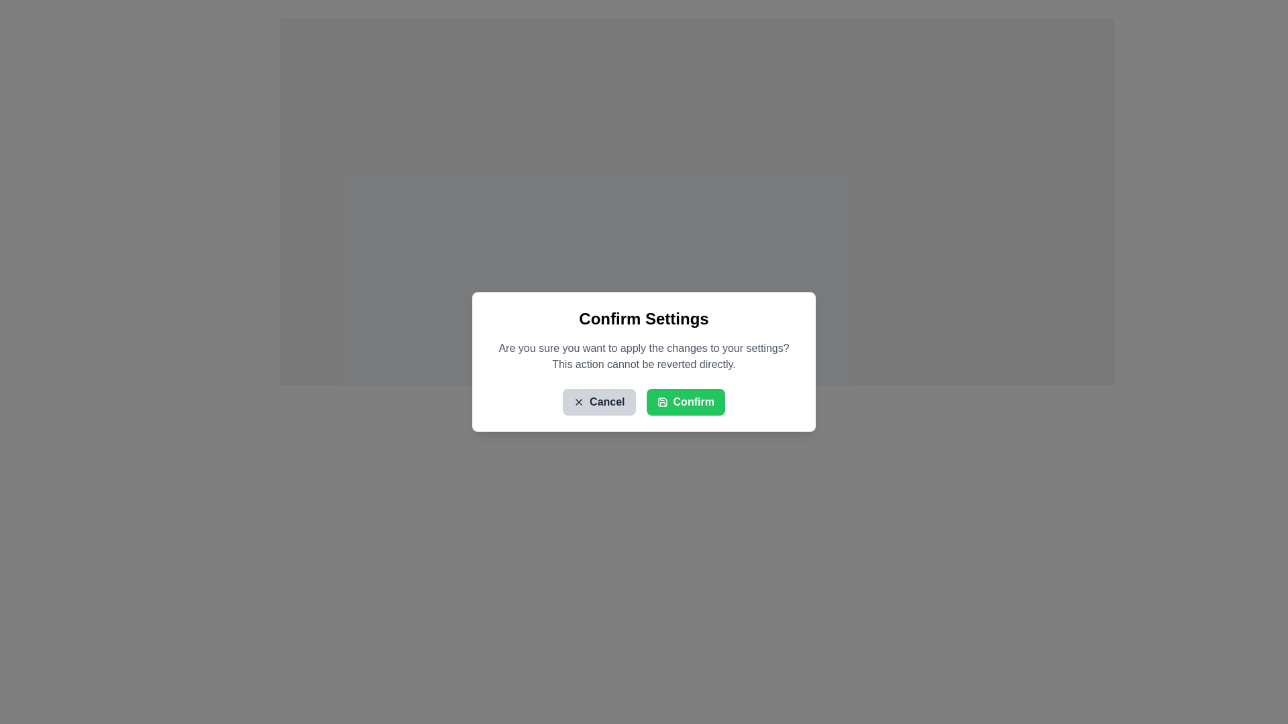 The height and width of the screenshot is (724, 1288). What do you see at coordinates (644, 318) in the screenshot?
I see `text of the heading 'Confirm Settings' which is a prominent static text element in bold, large font at the top of the dialog box` at bounding box center [644, 318].